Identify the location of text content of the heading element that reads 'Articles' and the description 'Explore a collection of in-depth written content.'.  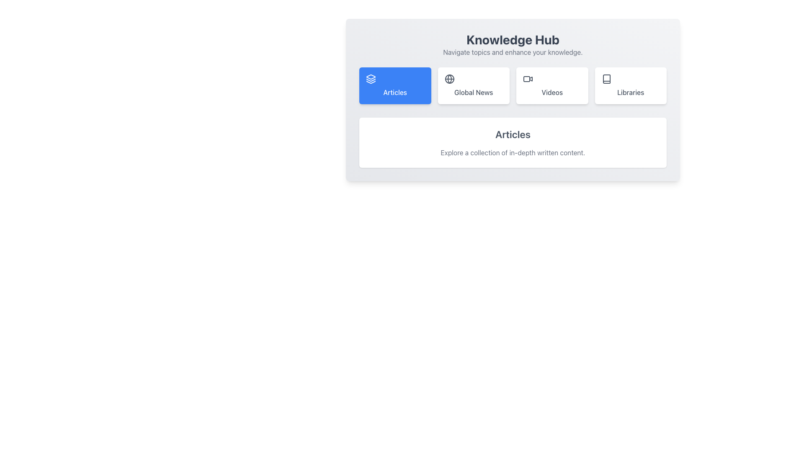
(512, 142).